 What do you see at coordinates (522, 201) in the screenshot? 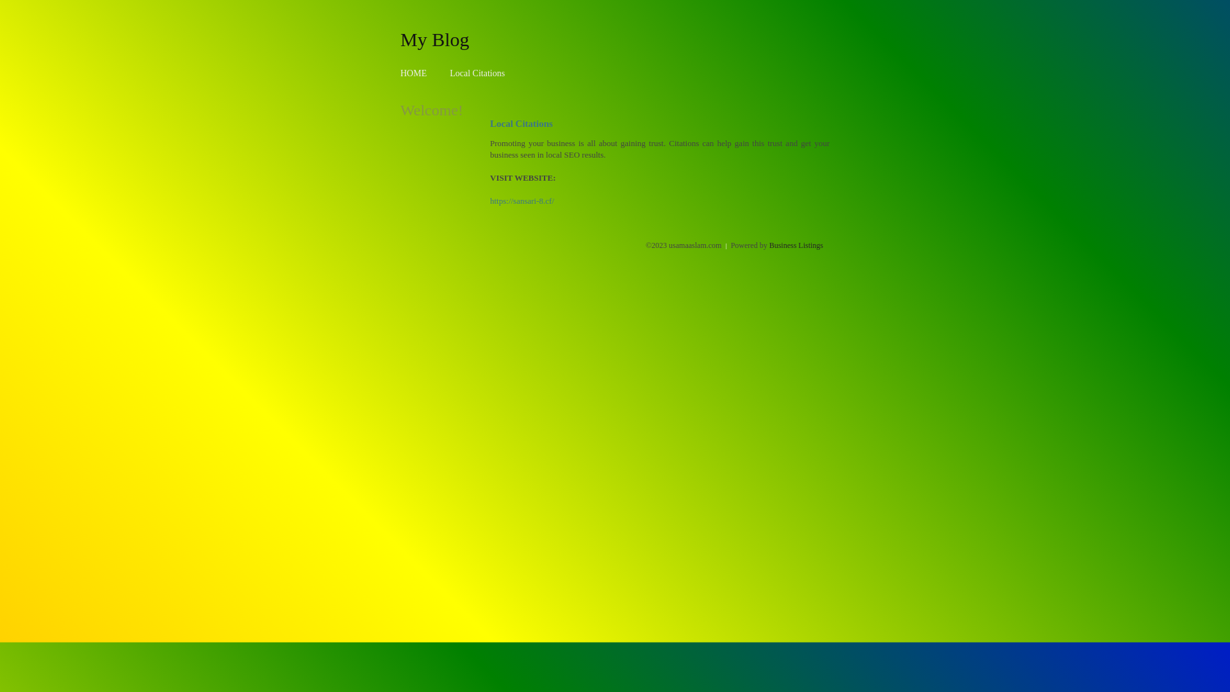
I see `'https://sansari-8.cf/'` at bounding box center [522, 201].